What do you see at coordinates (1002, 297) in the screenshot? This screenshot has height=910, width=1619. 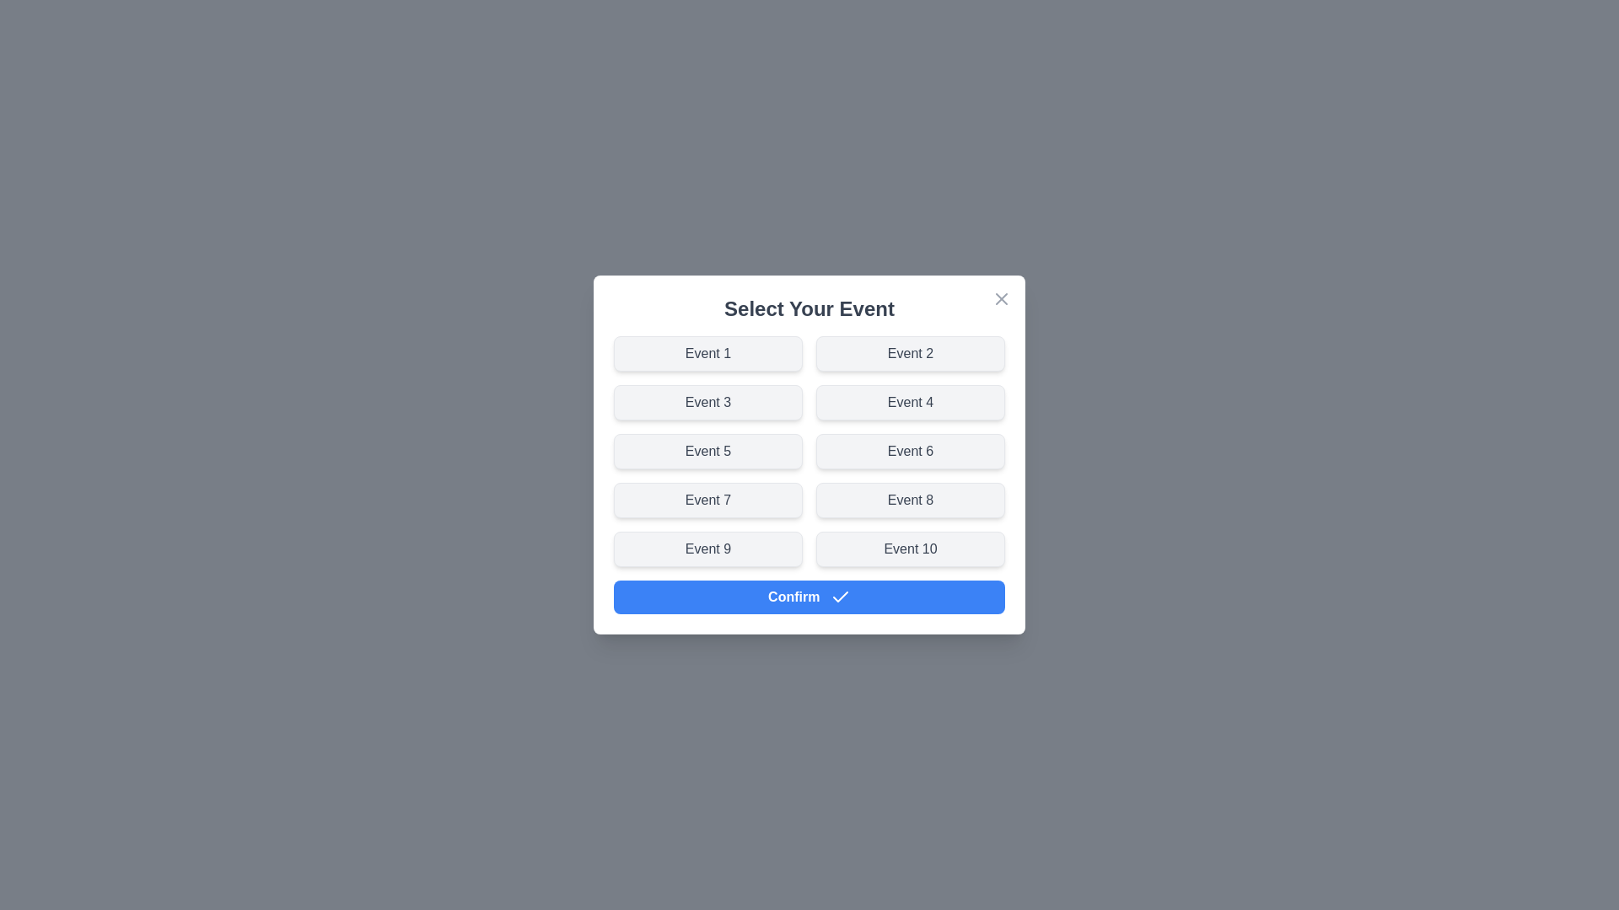 I see `the close (X) button at the top-right corner of the dialog` at bounding box center [1002, 297].